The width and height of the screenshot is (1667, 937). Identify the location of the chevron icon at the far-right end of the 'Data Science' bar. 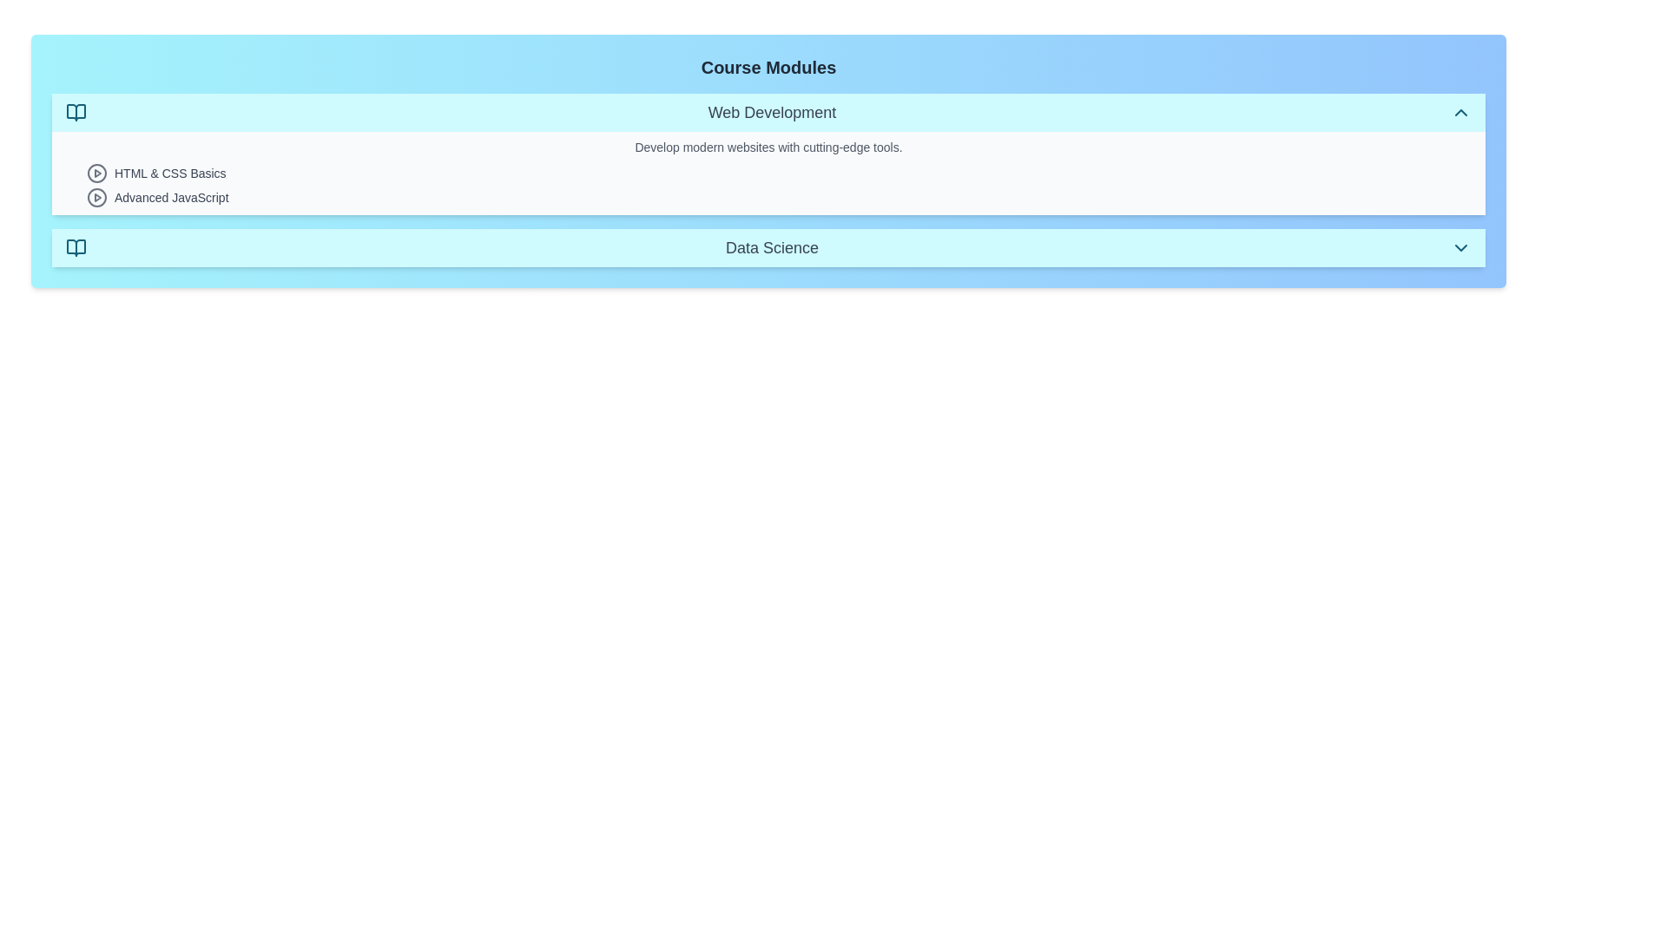
(1460, 247).